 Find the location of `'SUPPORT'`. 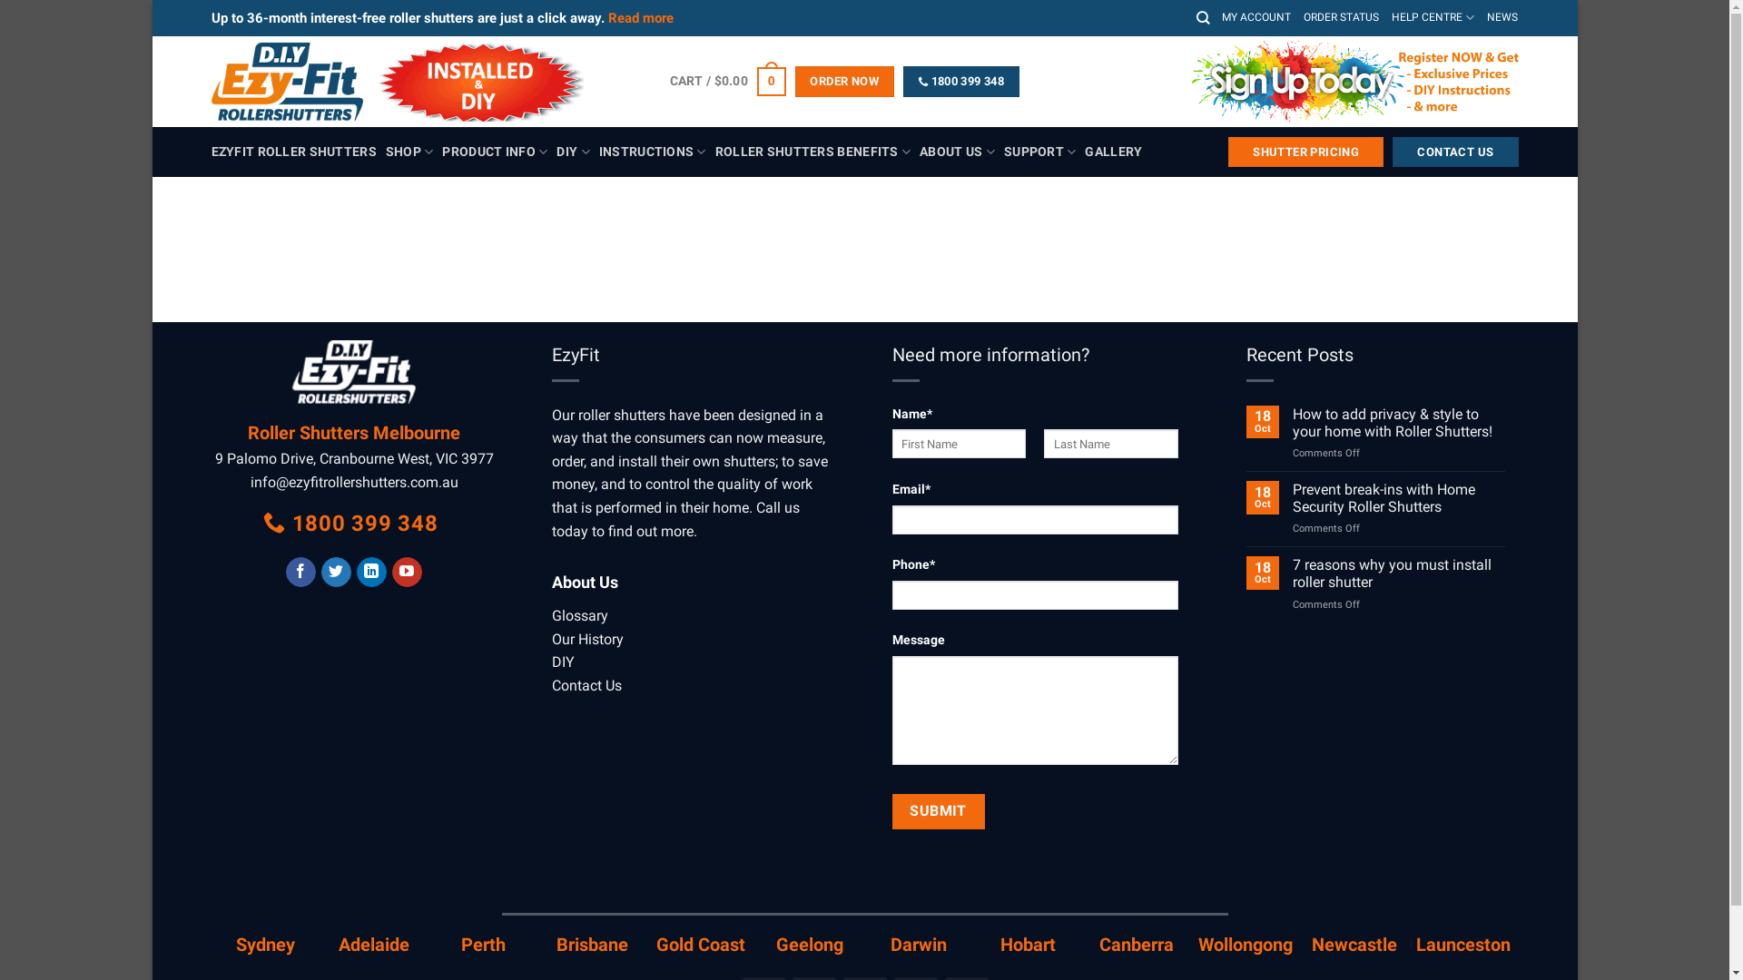

'SUPPORT' is located at coordinates (1040, 151).